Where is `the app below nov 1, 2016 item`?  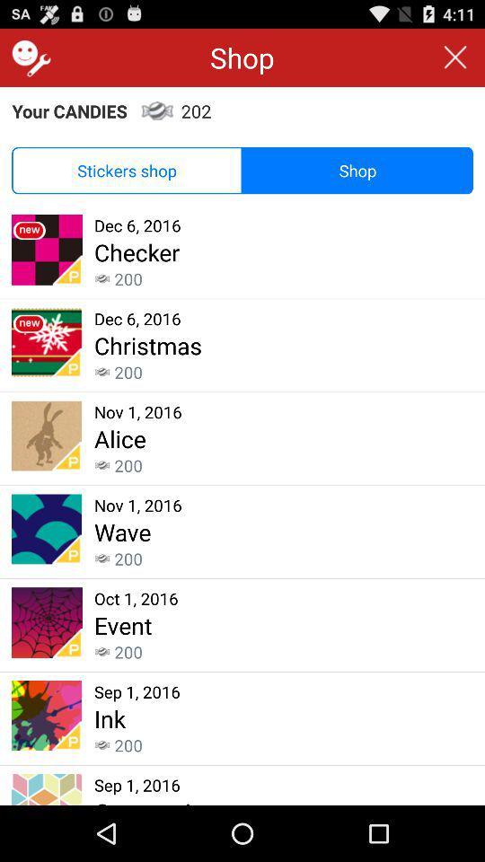
the app below nov 1, 2016 item is located at coordinates (121, 532).